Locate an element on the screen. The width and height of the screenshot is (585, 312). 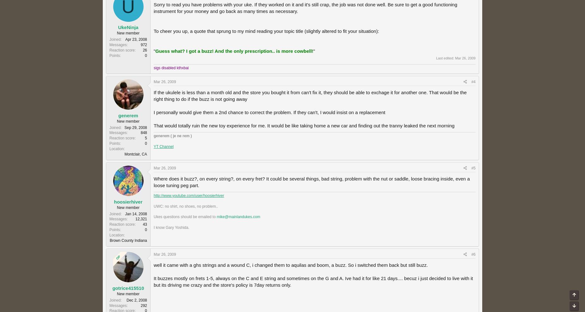
'That would totally ruin the new toy experience for me. It would be like taking home a new car and finding out the tranny leaked the next morning' is located at coordinates (304, 125).